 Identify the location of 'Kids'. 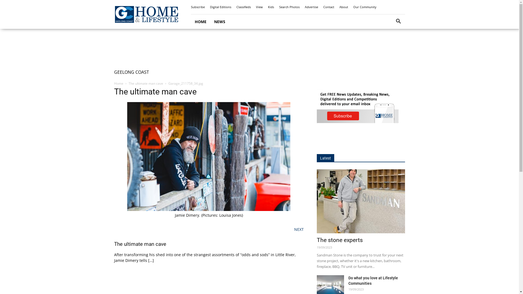
(271, 7).